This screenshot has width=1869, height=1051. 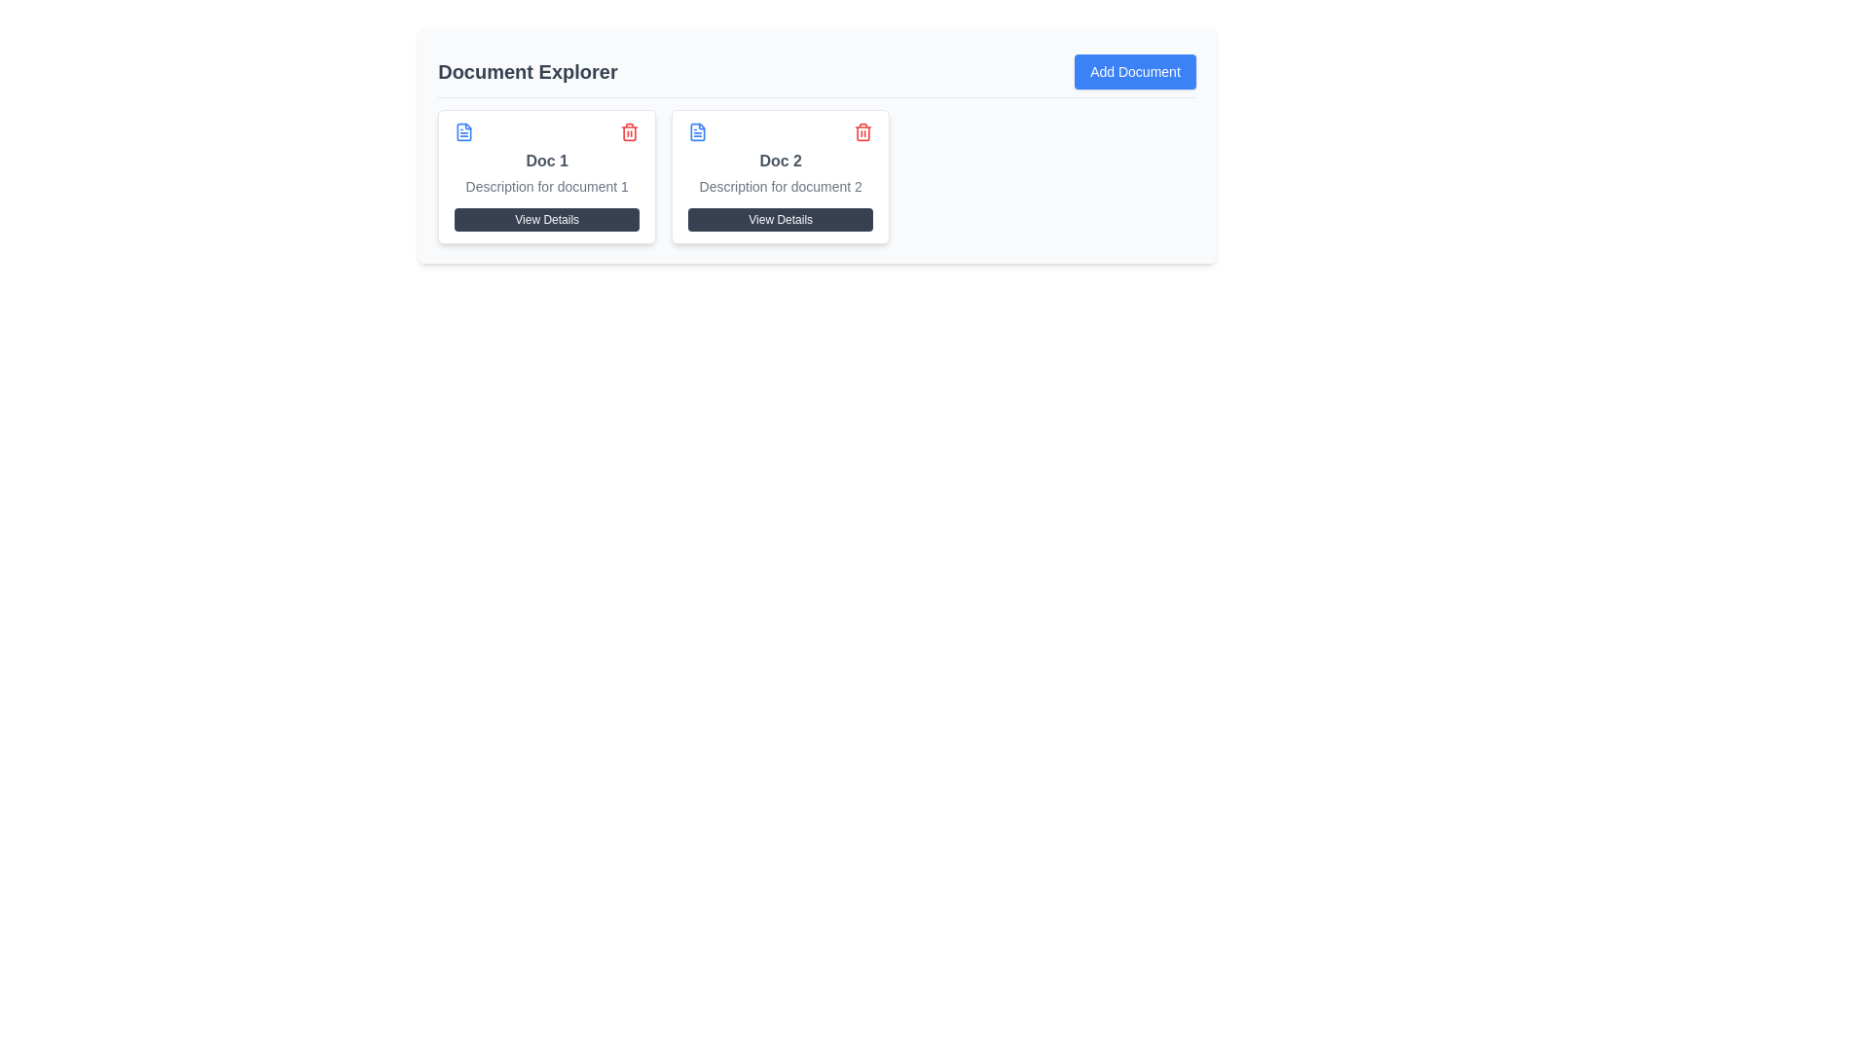 What do you see at coordinates (463, 131) in the screenshot?
I see `the blue document file icon located at the top-left corner of the 'Doc 1' card in the 'Document Explorer' section` at bounding box center [463, 131].